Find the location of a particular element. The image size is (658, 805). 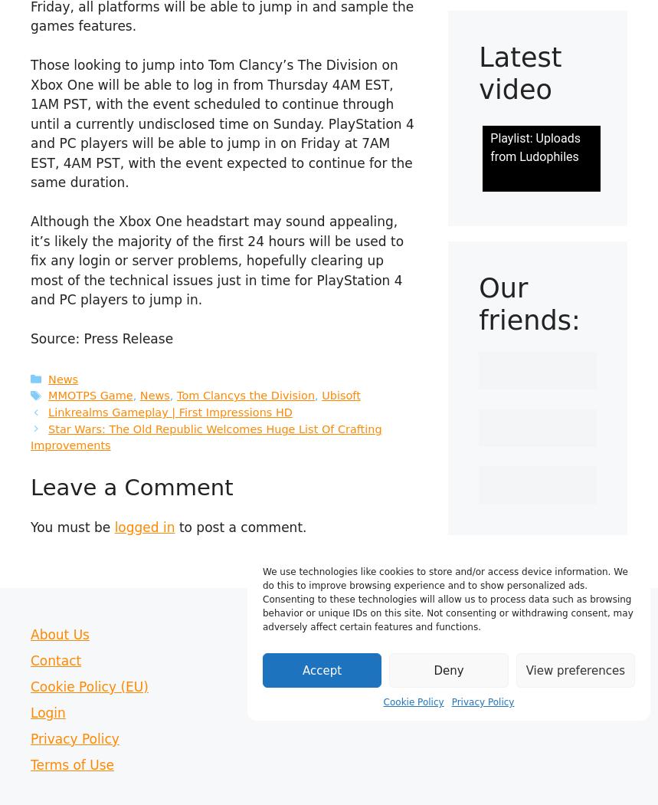

'Source: Press Release' is located at coordinates (101, 338).